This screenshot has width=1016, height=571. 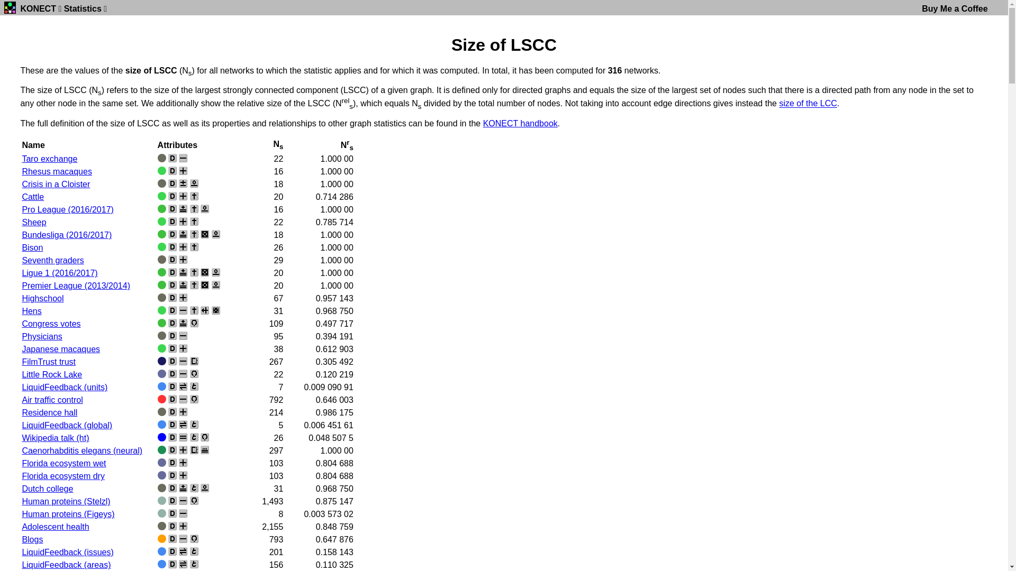 I want to click on 'Wikipedia talk (ht)', so click(x=55, y=438).